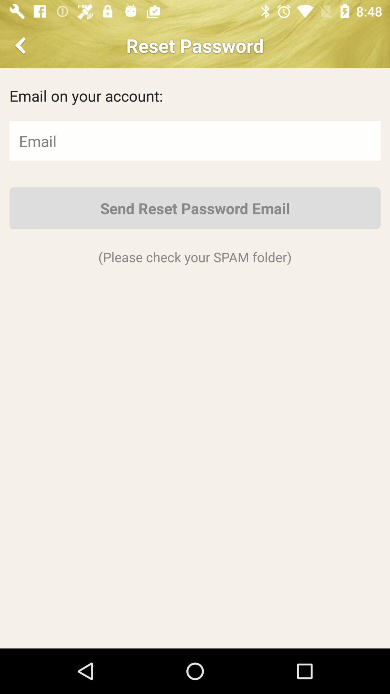 This screenshot has width=390, height=694. Describe the element at coordinates (21, 45) in the screenshot. I see `the app to the left of reset password icon` at that location.